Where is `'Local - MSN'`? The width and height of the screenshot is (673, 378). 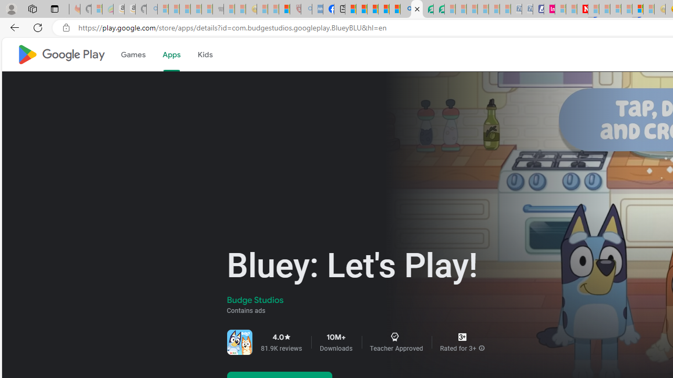
'Local - MSN' is located at coordinates (284, 9).